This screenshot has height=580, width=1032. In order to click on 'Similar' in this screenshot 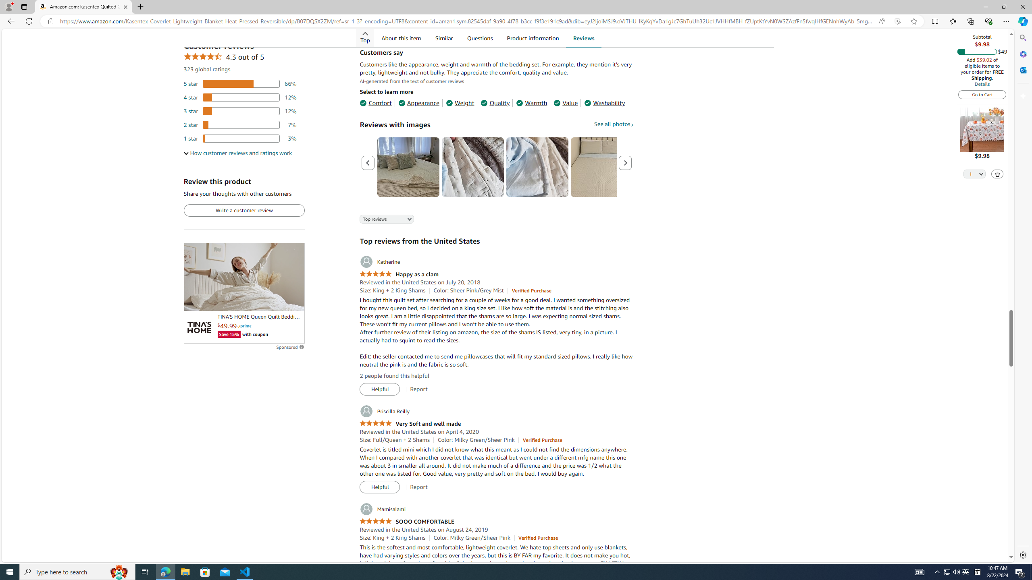, I will do `click(443, 37)`.